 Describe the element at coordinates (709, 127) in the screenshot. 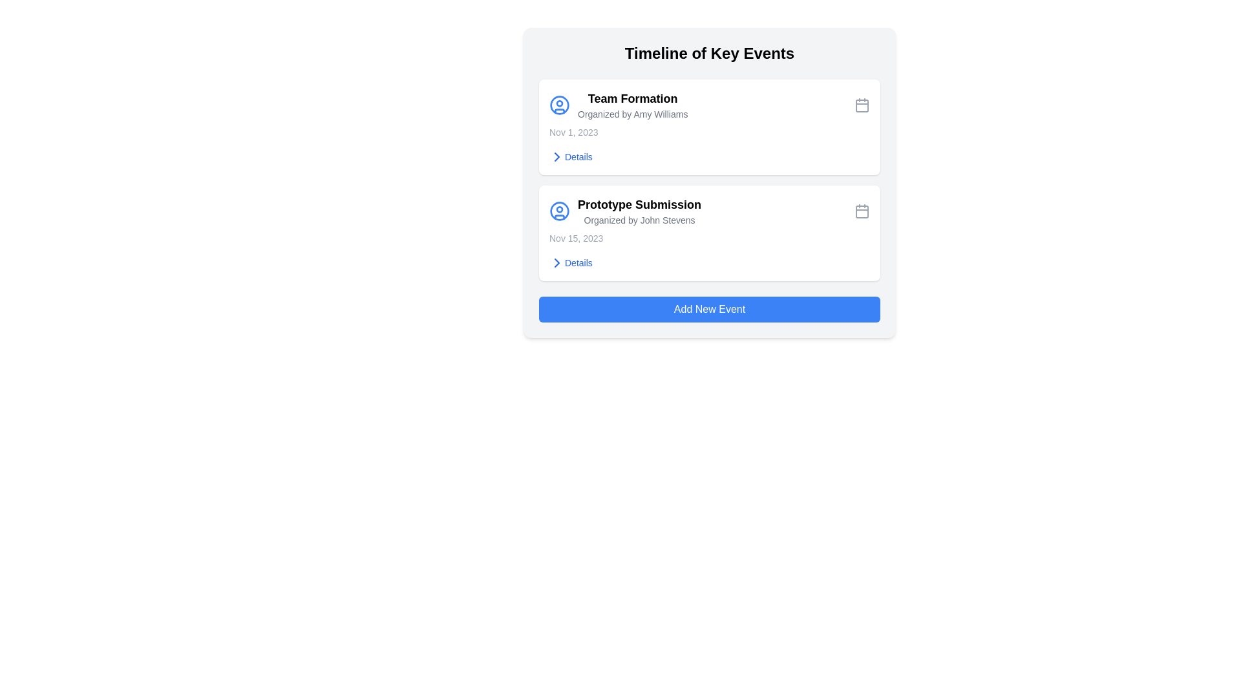

I see `the Event Summary Card that presents a summary of the 'Team Formation' event, located at the top of the vertical list of event cards` at that location.